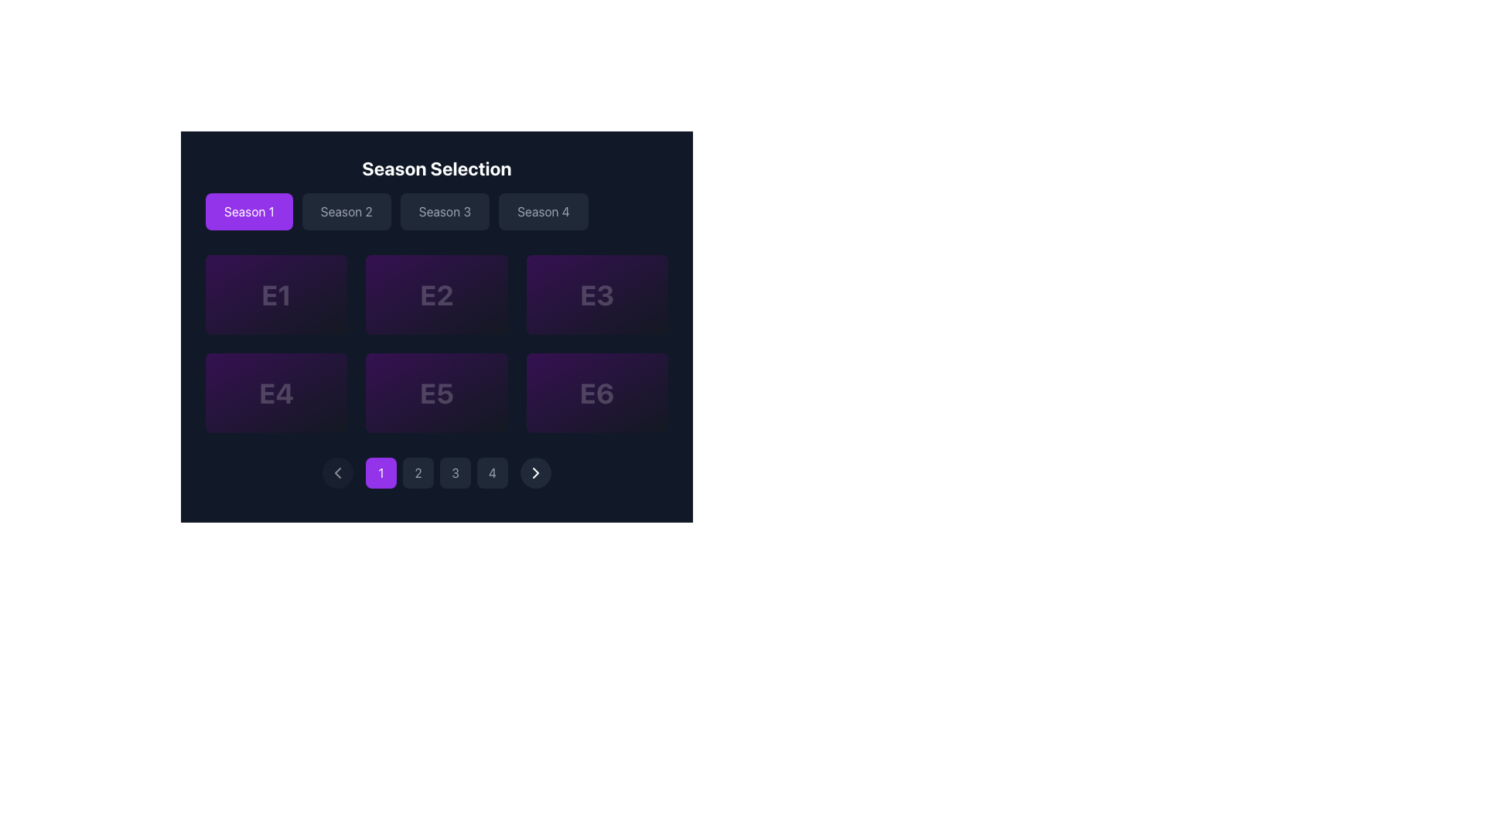  What do you see at coordinates (436, 317) in the screenshot?
I see `the button labeled 'E2' in the Season Selection section` at bounding box center [436, 317].